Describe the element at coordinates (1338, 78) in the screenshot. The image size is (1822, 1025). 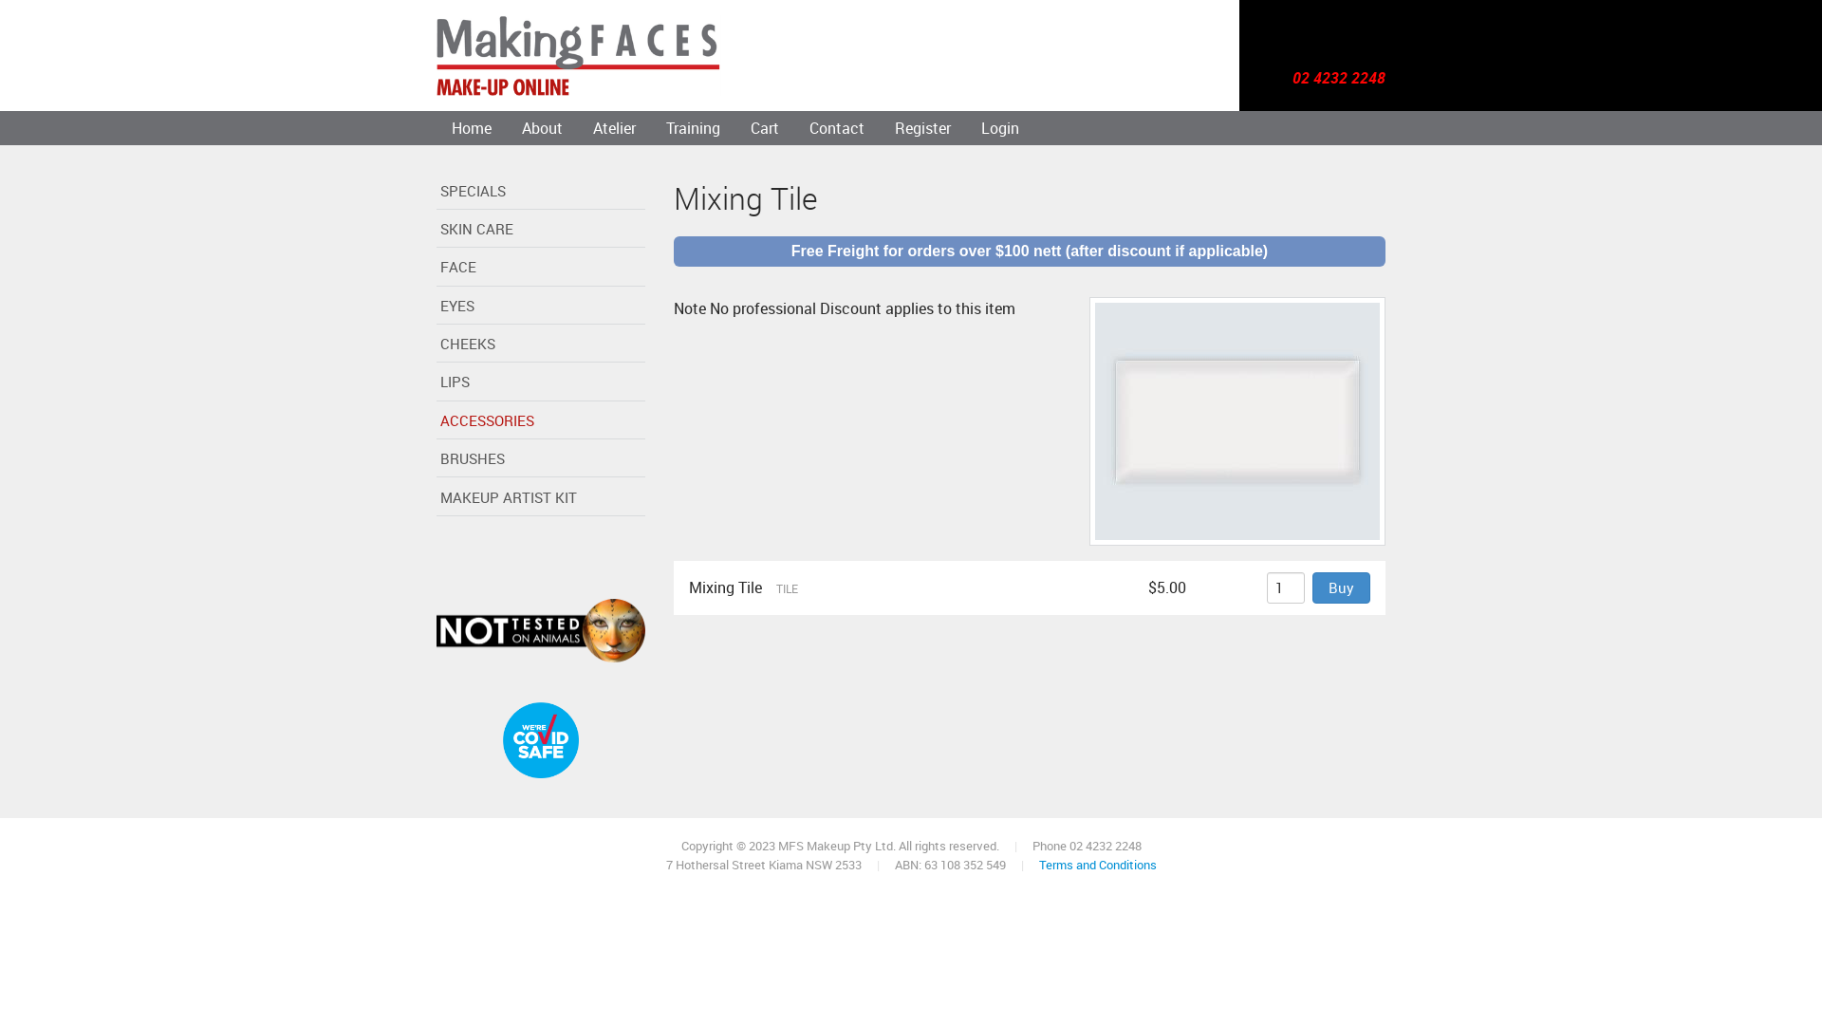
I see `'02 4232 2248'` at that location.